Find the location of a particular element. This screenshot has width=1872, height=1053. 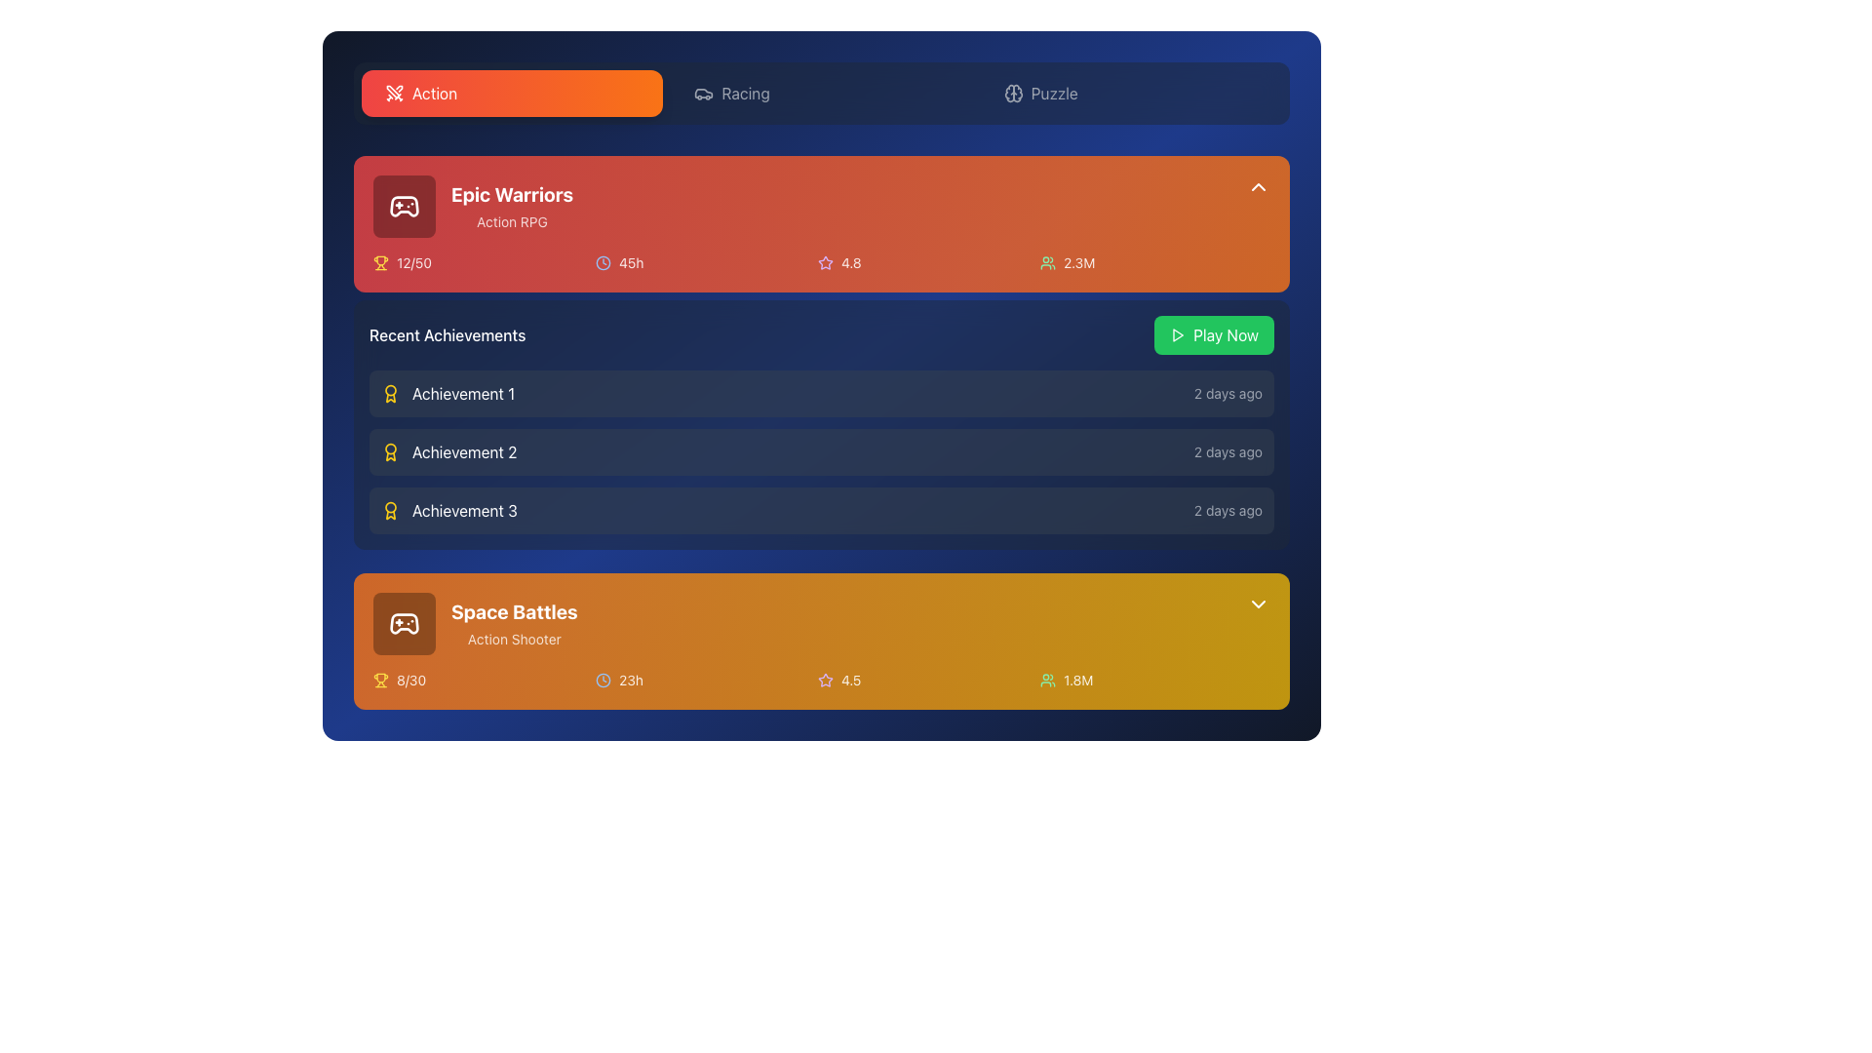

the SVG circle element representing the clock face on the orange gradient card for 'Space Battles', which is located at the center-right of the card is located at coordinates (603, 680).